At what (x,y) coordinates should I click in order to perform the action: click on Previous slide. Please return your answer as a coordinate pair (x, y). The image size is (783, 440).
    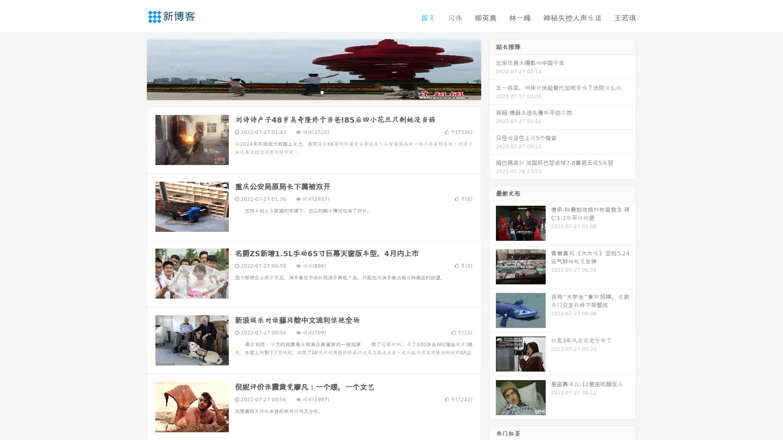
    Looking at the image, I should click on (135, 68).